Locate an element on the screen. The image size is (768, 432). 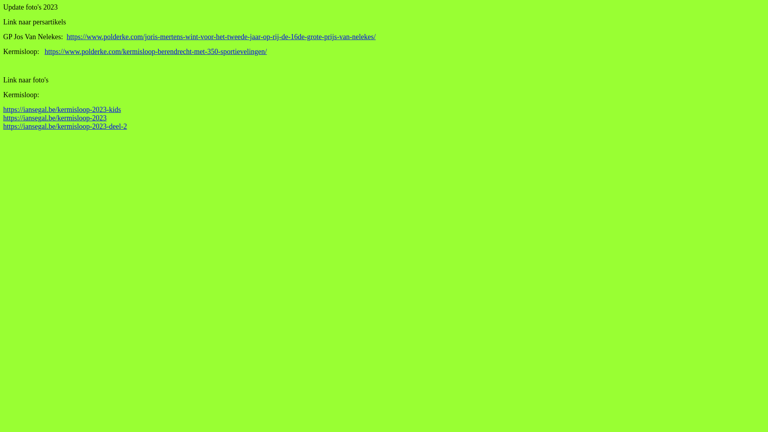
'https://iansegal.be/kermisloop-2023' is located at coordinates (54, 118).